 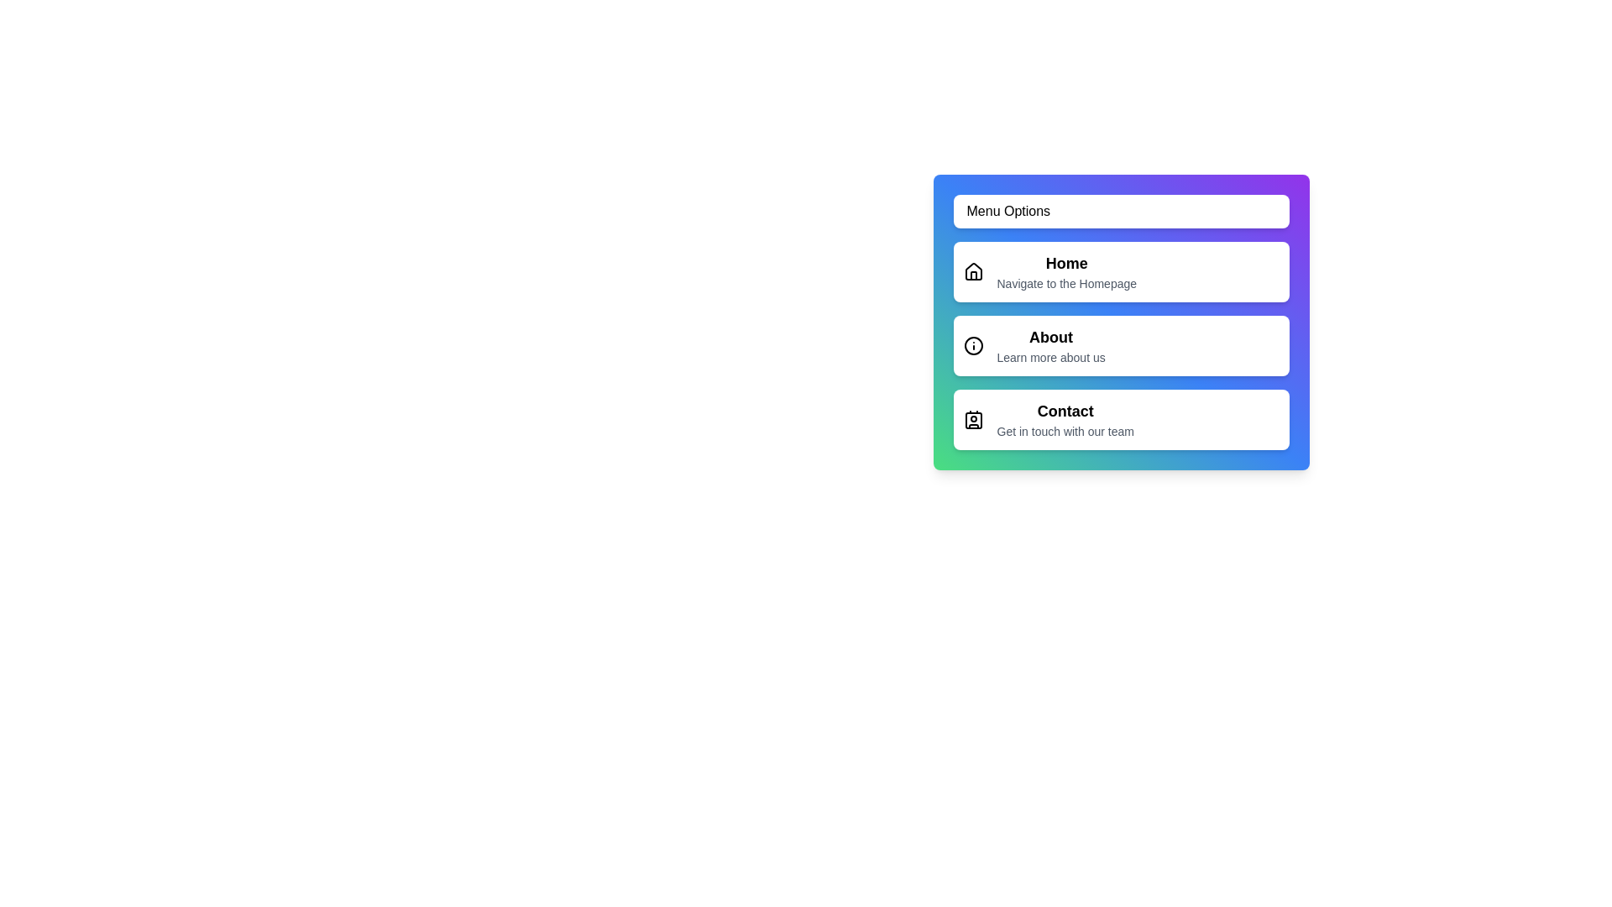 What do you see at coordinates (1121, 419) in the screenshot?
I see `the menu item labeled Contact` at bounding box center [1121, 419].